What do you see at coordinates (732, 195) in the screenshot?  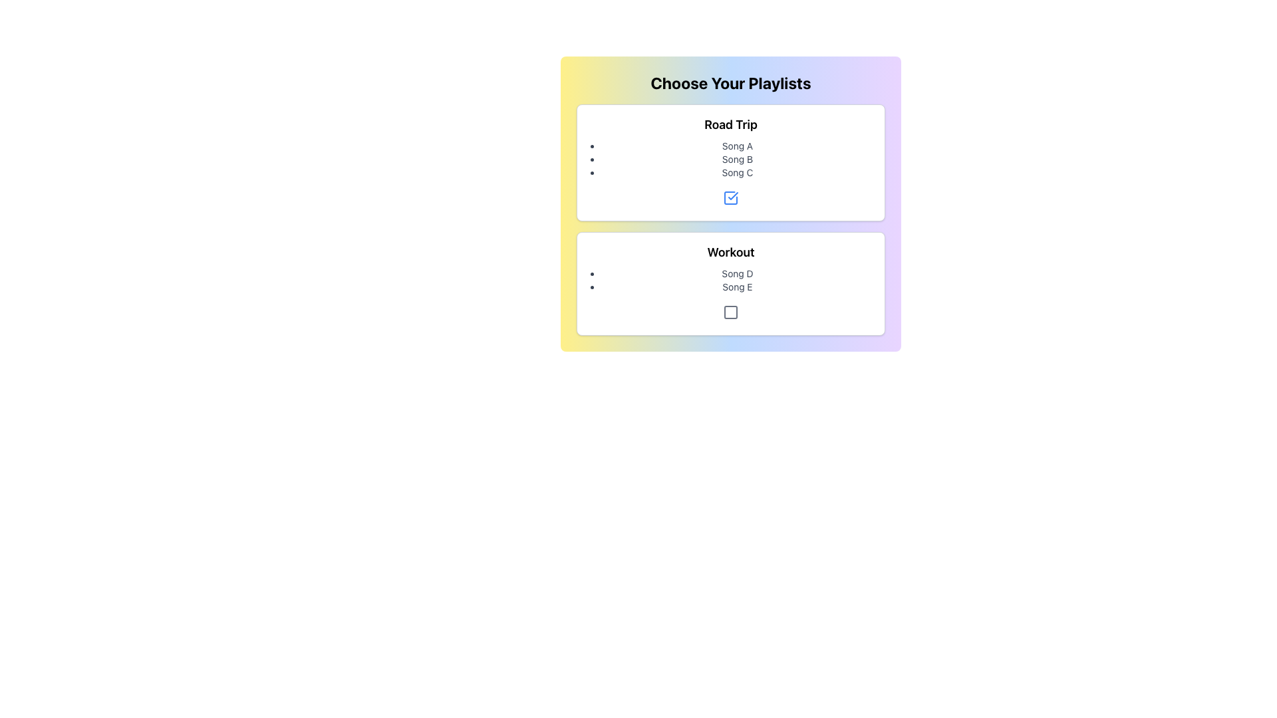 I see `the checkmark icon located centrally below the list of songs in the 'Road Trip' playlist to confirm a selection or action` at bounding box center [732, 195].